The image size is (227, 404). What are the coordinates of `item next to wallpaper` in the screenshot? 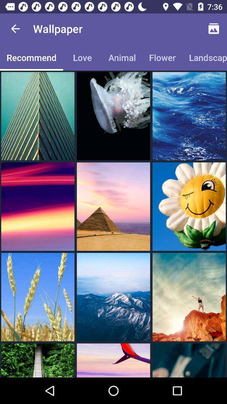 It's located at (214, 29).